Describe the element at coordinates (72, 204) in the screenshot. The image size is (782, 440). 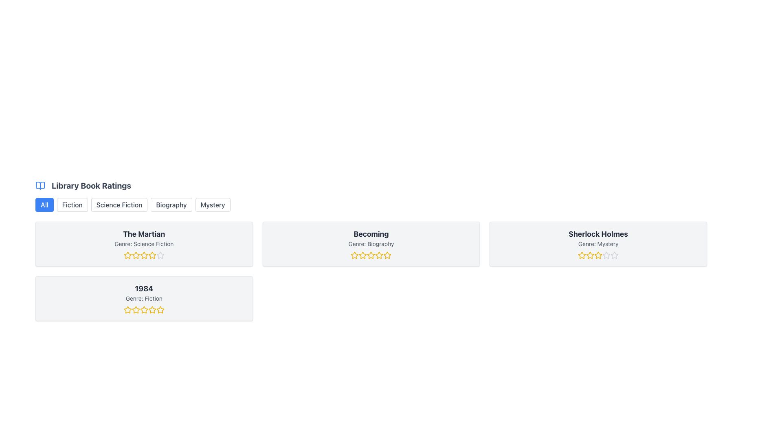
I see `the filter button for category selection that filters items` at that location.